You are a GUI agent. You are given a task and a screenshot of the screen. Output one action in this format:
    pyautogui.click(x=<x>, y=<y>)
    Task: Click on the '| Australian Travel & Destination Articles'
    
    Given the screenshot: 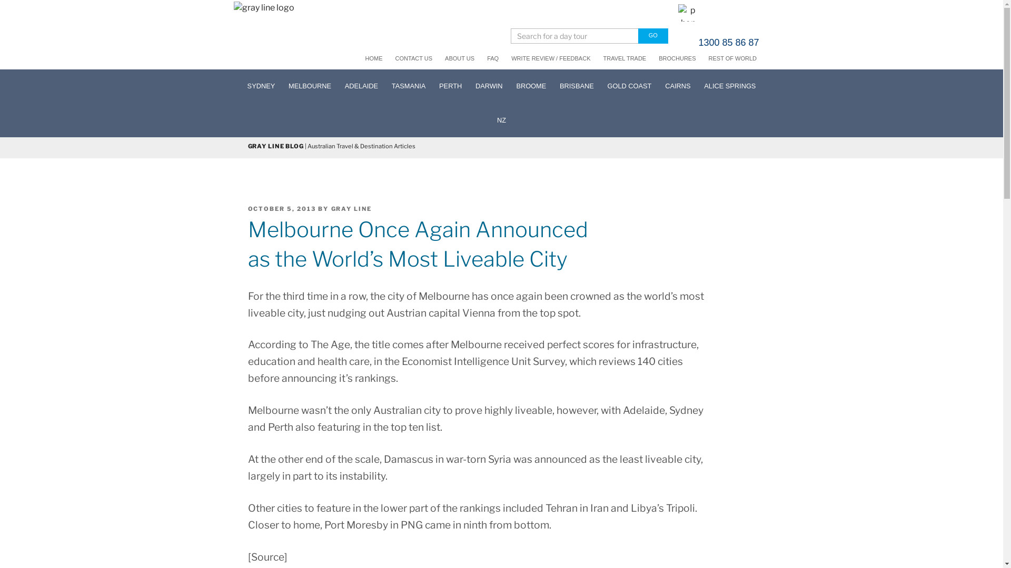 What is the action you would take?
    pyautogui.click(x=359, y=146)
    